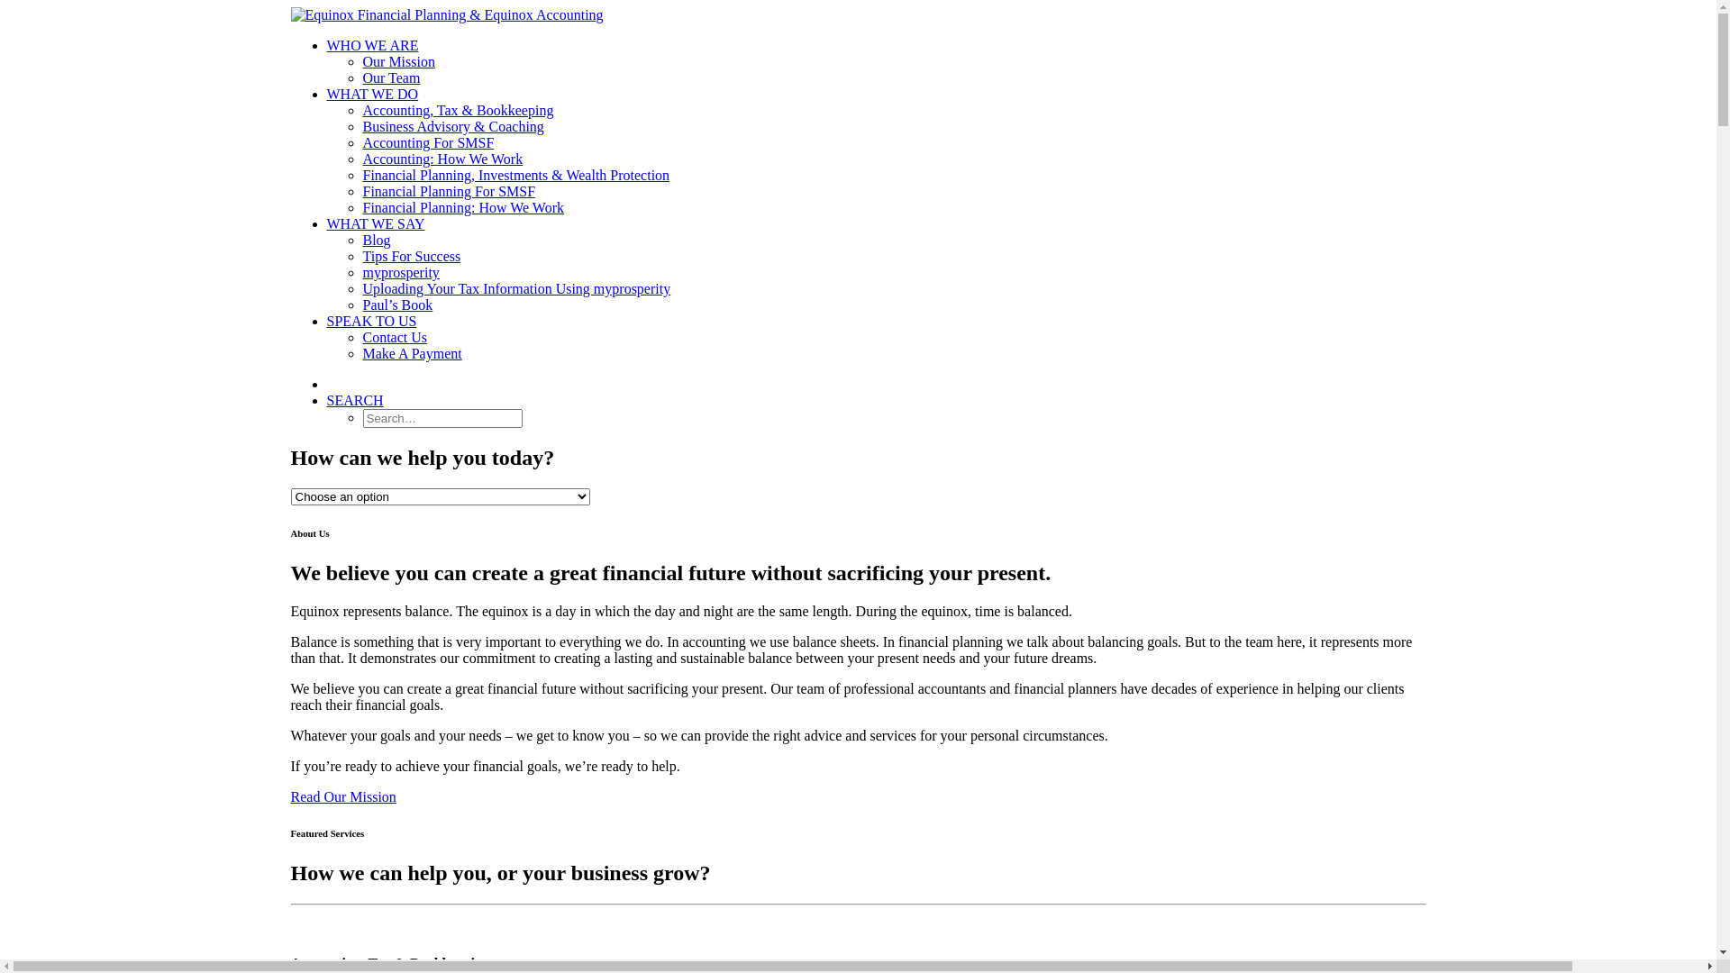 This screenshot has width=1730, height=973. I want to click on 'Read Our Mission', so click(289, 796).